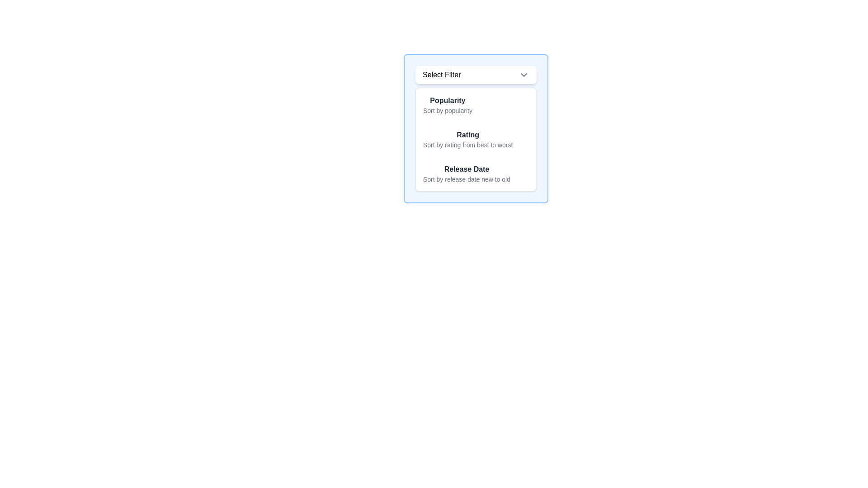  What do you see at coordinates (475, 74) in the screenshot?
I see `the 'Select Filter' dropdown menu trigger button` at bounding box center [475, 74].